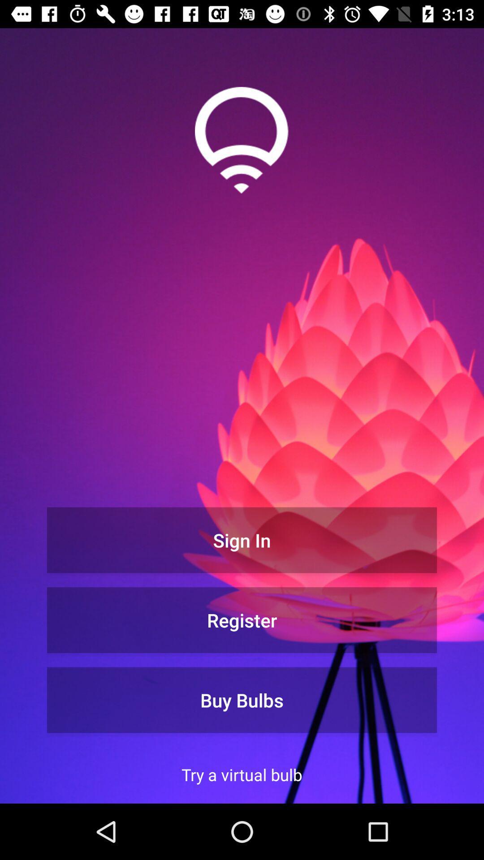 The width and height of the screenshot is (484, 860). What do you see at coordinates (242, 539) in the screenshot?
I see `sign in item` at bounding box center [242, 539].